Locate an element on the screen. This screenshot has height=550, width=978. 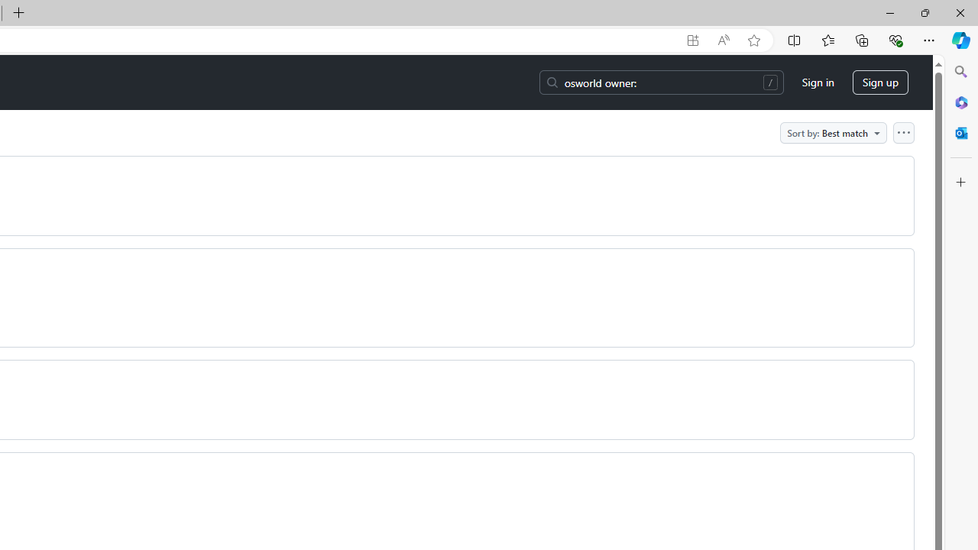
'Open column options' is located at coordinates (903, 131).